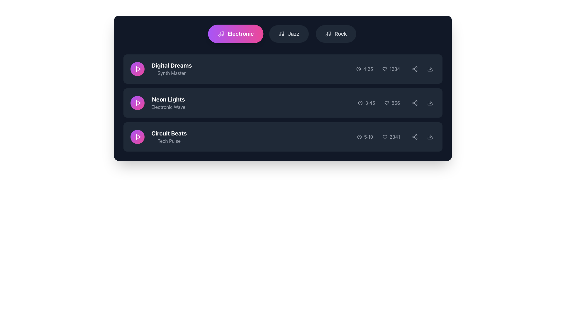 The height and width of the screenshot is (316, 563). I want to click on the 'Jazz' category button, which is the second option in a horizontal group of buttons located at the top center of the interface, to filter the displayed content accordingly, so click(289, 34).